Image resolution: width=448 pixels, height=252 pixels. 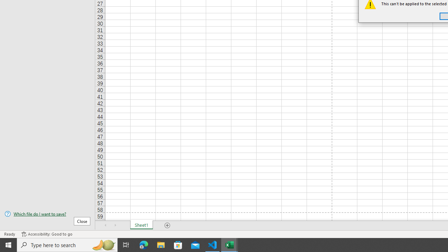 I want to click on 'Close', so click(x=82, y=221).